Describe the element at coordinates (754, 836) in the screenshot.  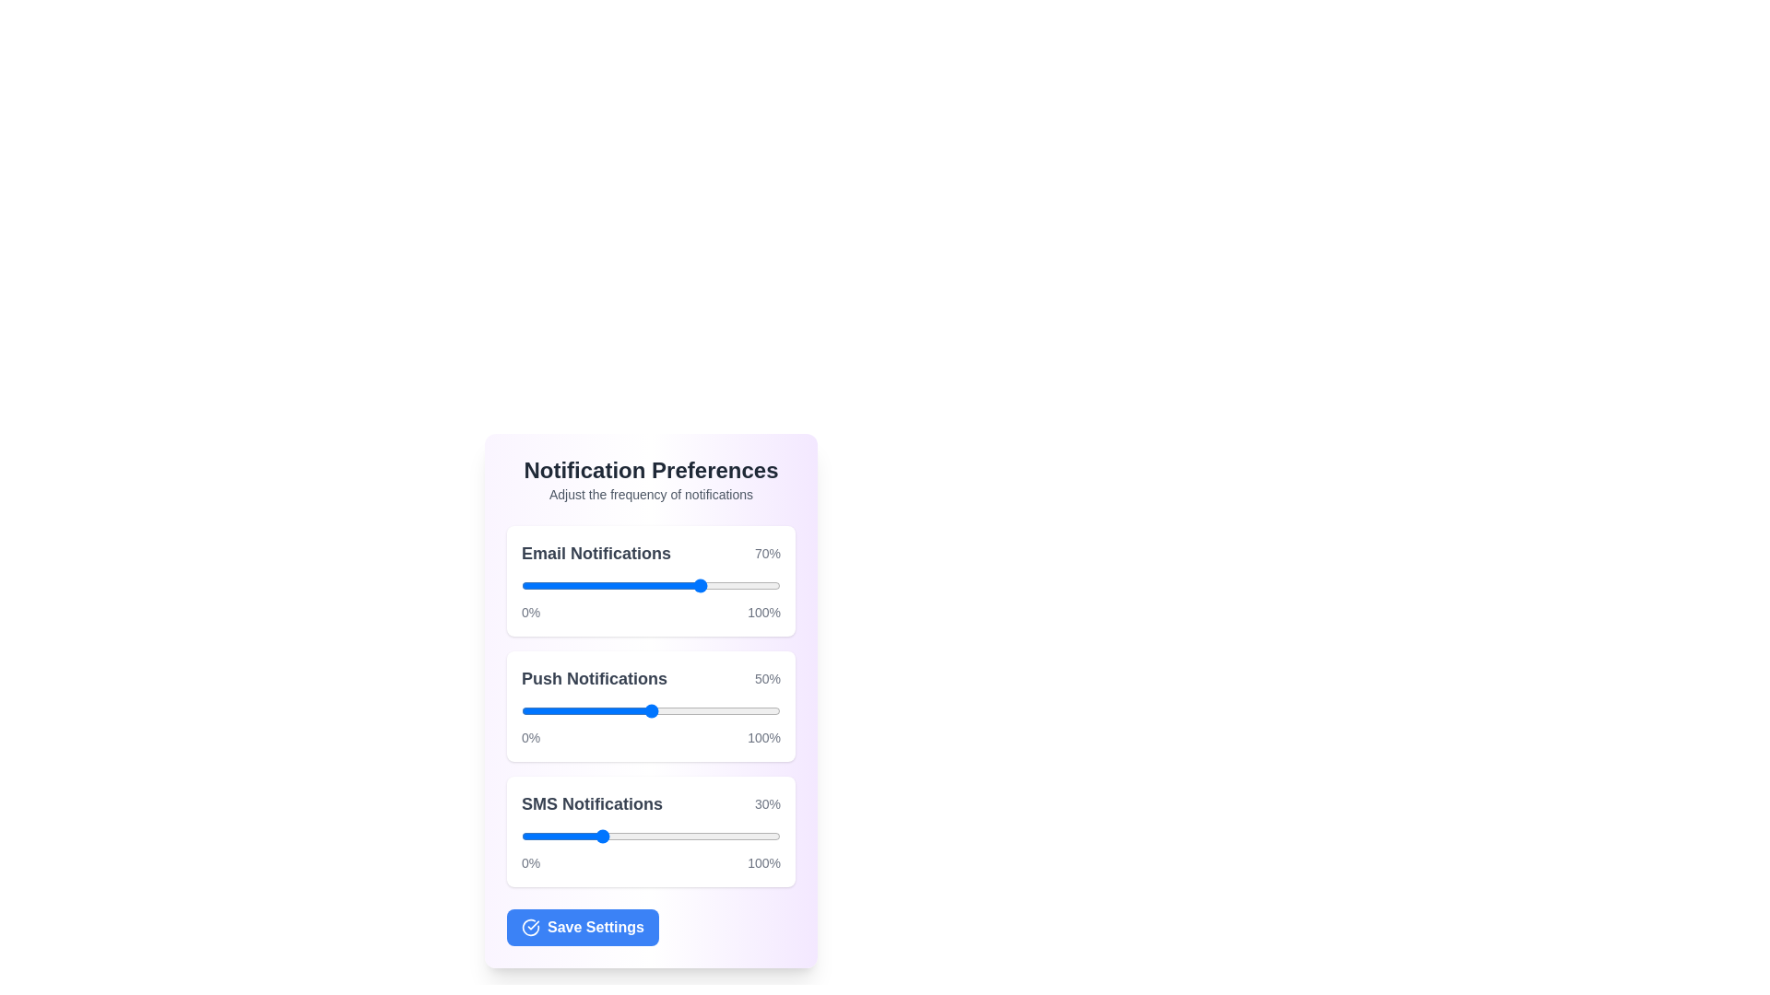
I see `the SMS Notifications slider` at that location.